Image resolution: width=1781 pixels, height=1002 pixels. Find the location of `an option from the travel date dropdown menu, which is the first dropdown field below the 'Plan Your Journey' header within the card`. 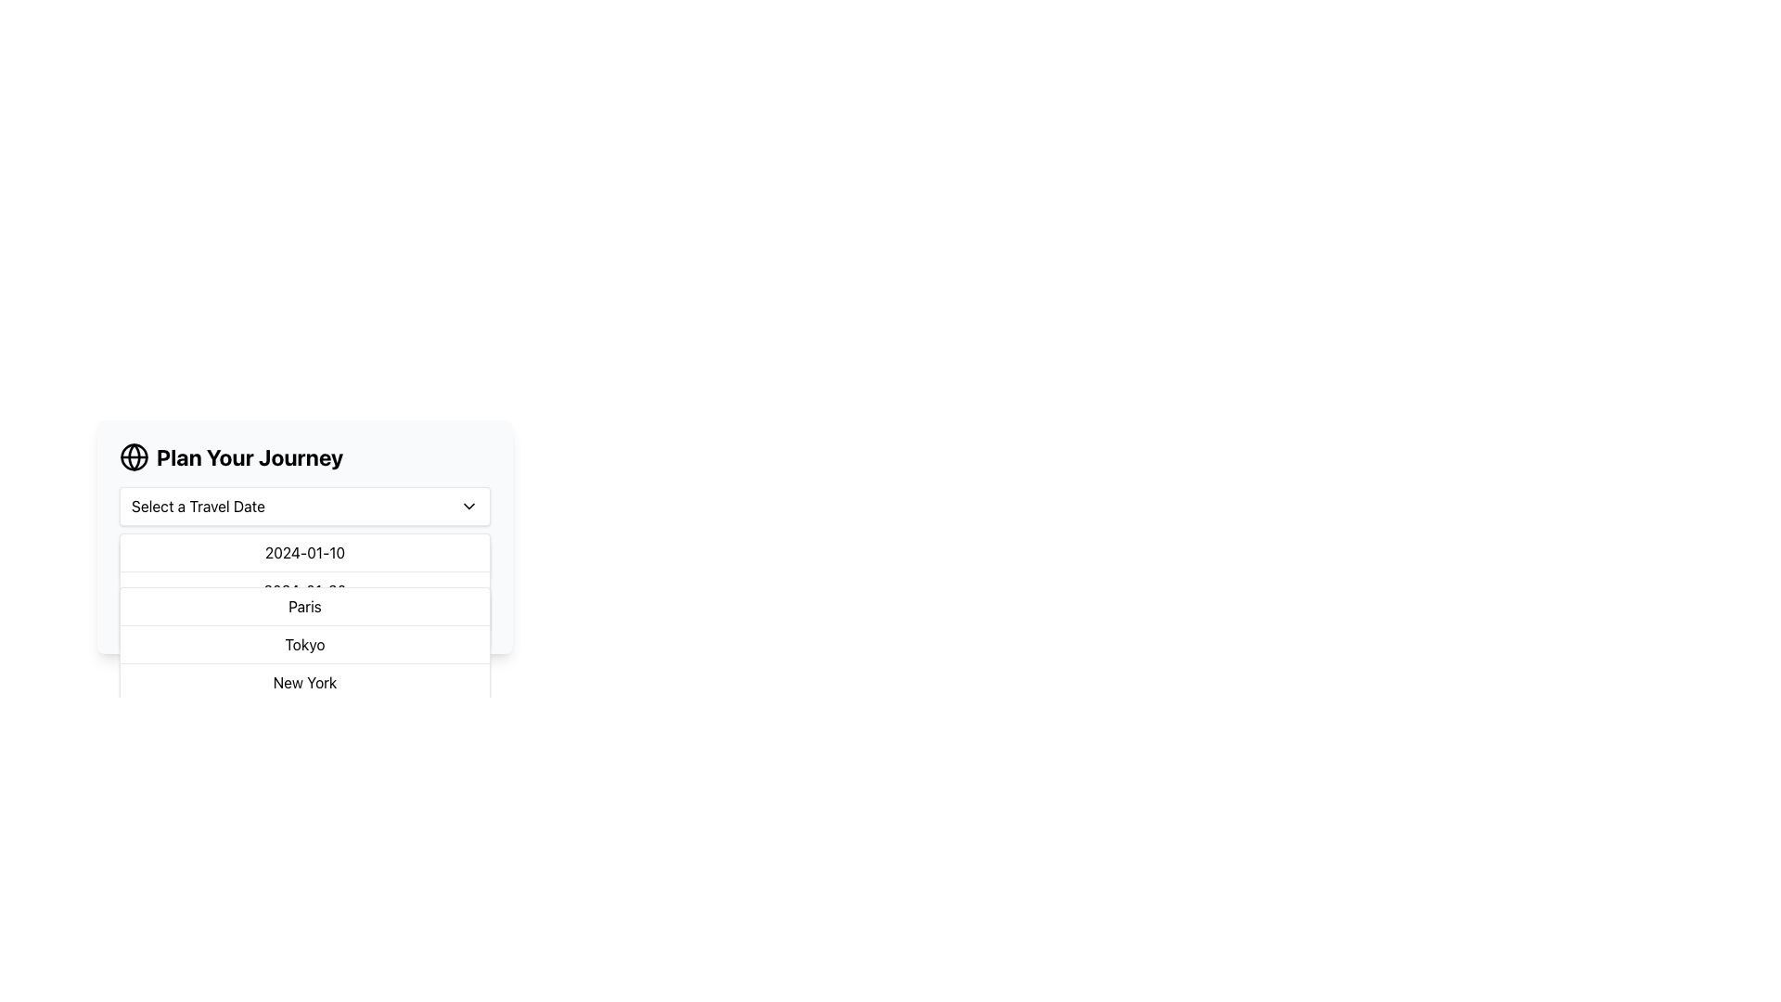

an option from the travel date dropdown menu, which is the first dropdown field below the 'Plan Your Journey' header within the card is located at coordinates (305, 507).